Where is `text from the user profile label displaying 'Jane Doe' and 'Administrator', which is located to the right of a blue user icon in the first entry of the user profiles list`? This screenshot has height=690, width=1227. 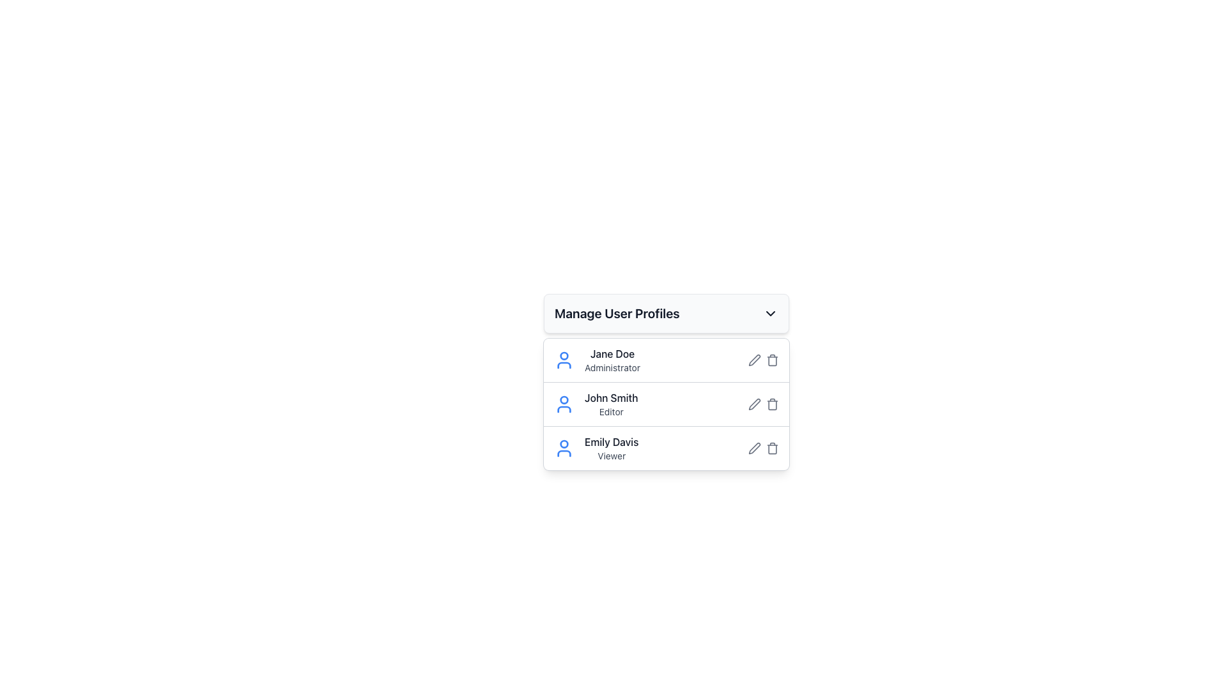
text from the user profile label displaying 'Jane Doe' and 'Administrator', which is located to the right of a blue user icon in the first entry of the user profiles list is located at coordinates (612, 360).